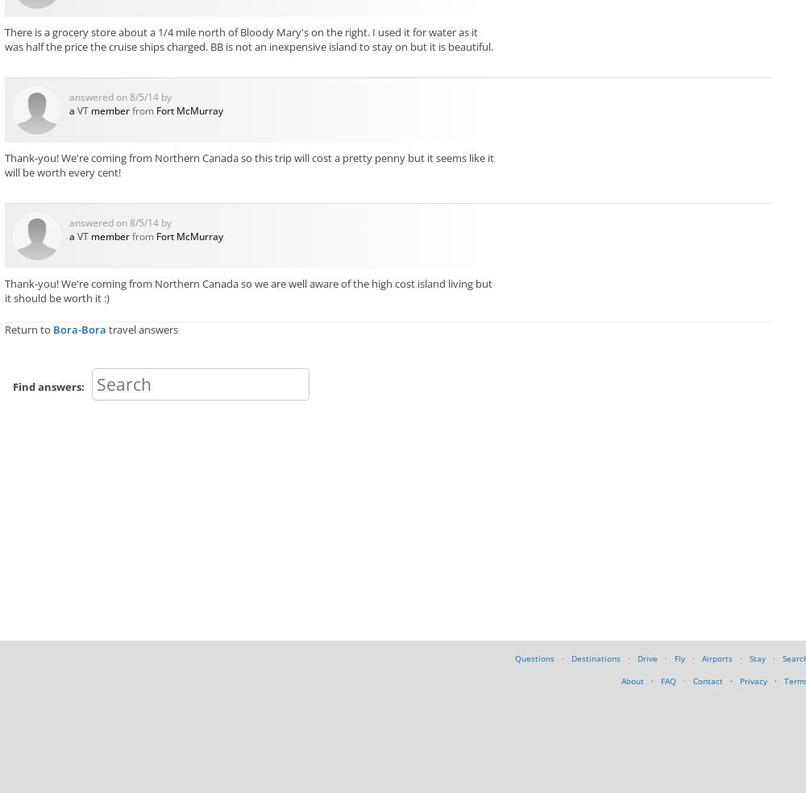  What do you see at coordinates (757, 657) in the screenshot?
I see `'Stay'` at bounding box center [757, 657].